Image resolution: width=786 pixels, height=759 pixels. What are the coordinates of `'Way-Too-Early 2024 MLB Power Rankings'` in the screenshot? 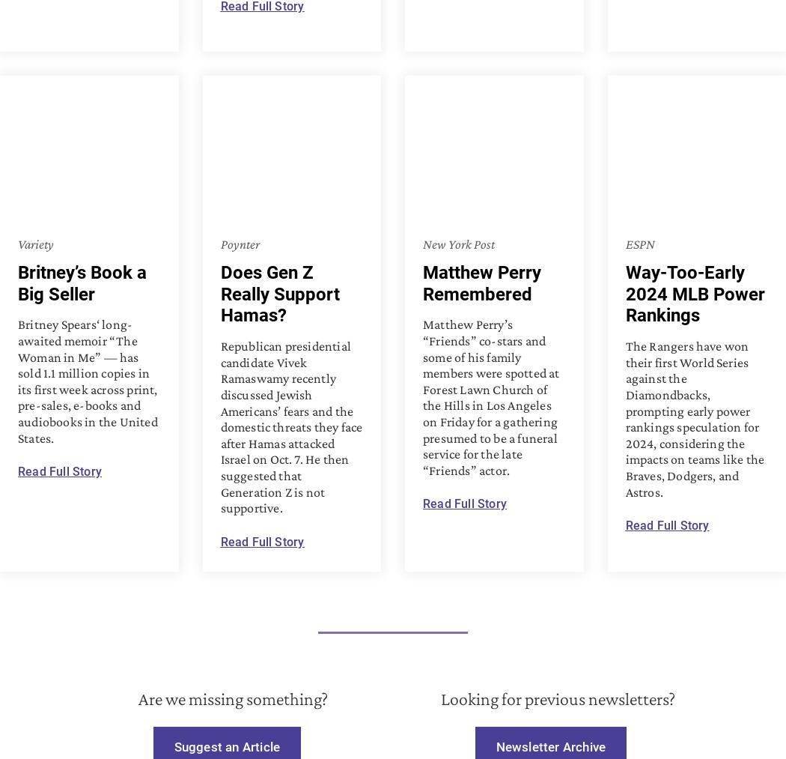 It's located at (694, 294).